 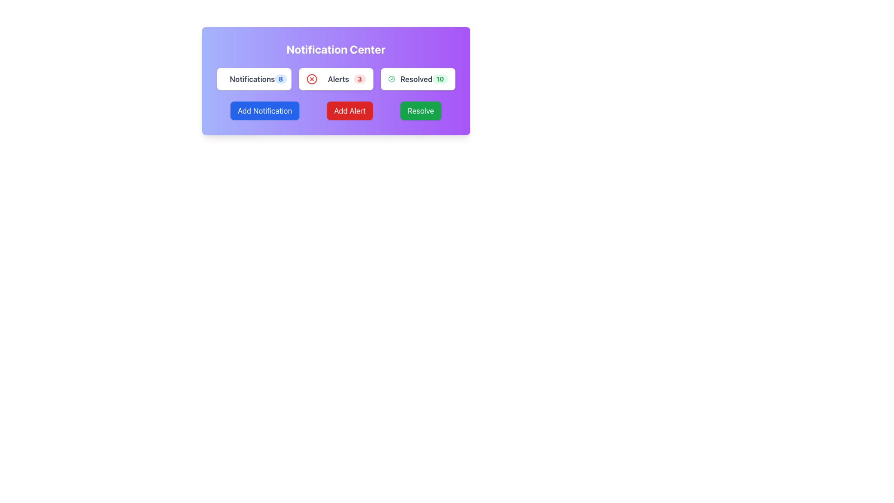 What do you see at coordinates (440, 78) in the screenshot?
I see `the badge UI element displaying the count of resolved items, located to the right of the 'Resolved' text within the 'Resolved' card` at bounding box center [440, 78].